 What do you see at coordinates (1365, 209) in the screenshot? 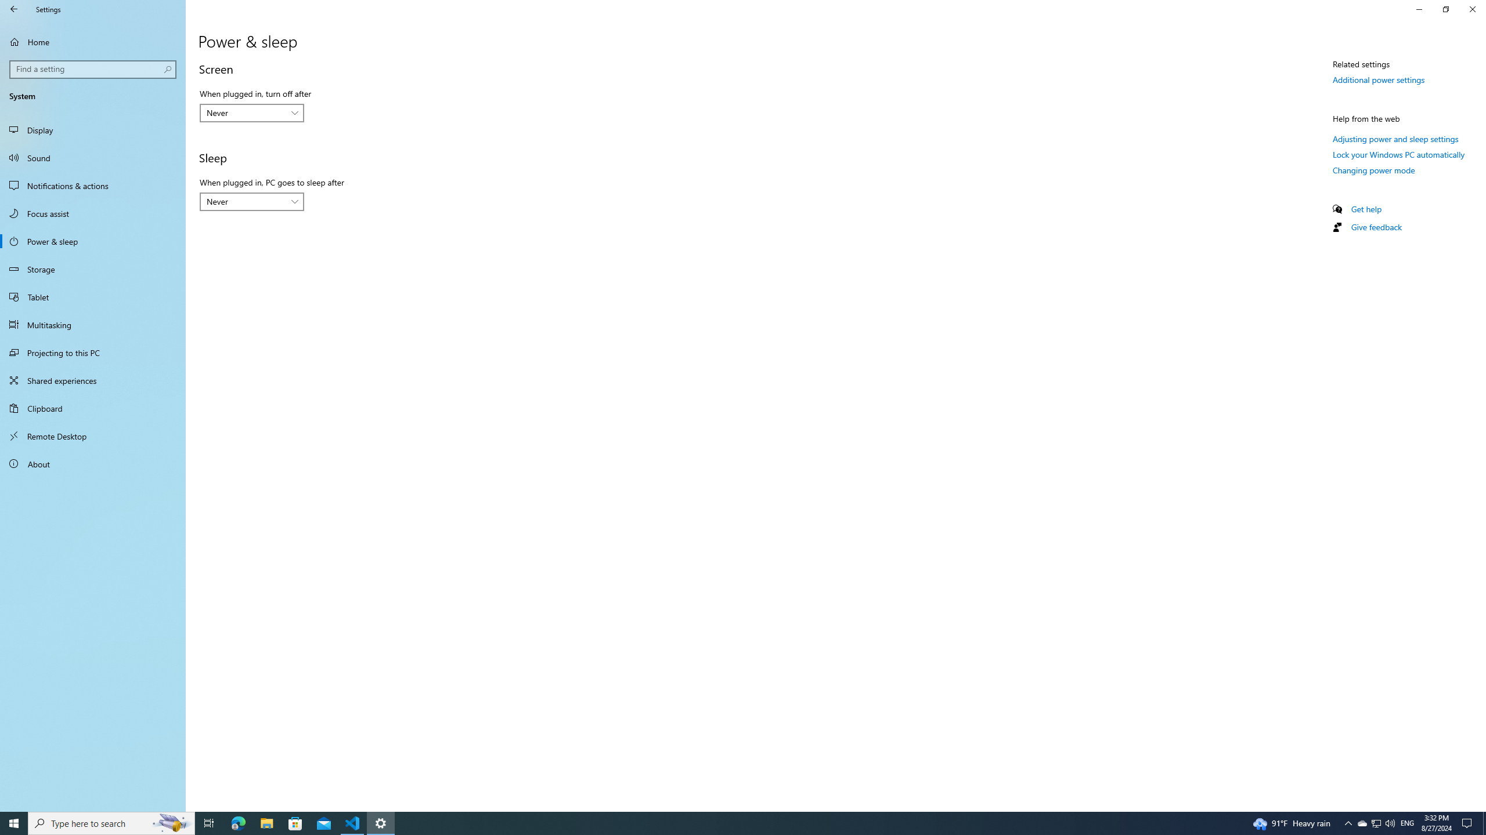
I see `'Get help'` at bounding box center [1365, 209].